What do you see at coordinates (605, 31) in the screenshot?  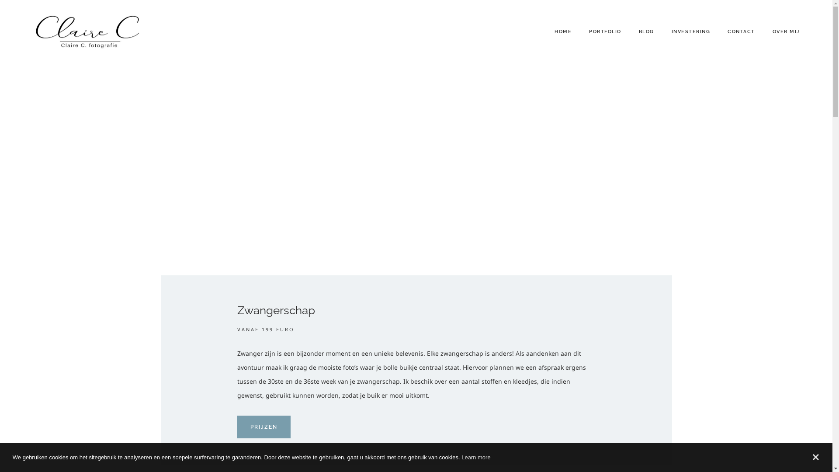 I see `'PORTFOLIO'` at bounding box center [605, 31].